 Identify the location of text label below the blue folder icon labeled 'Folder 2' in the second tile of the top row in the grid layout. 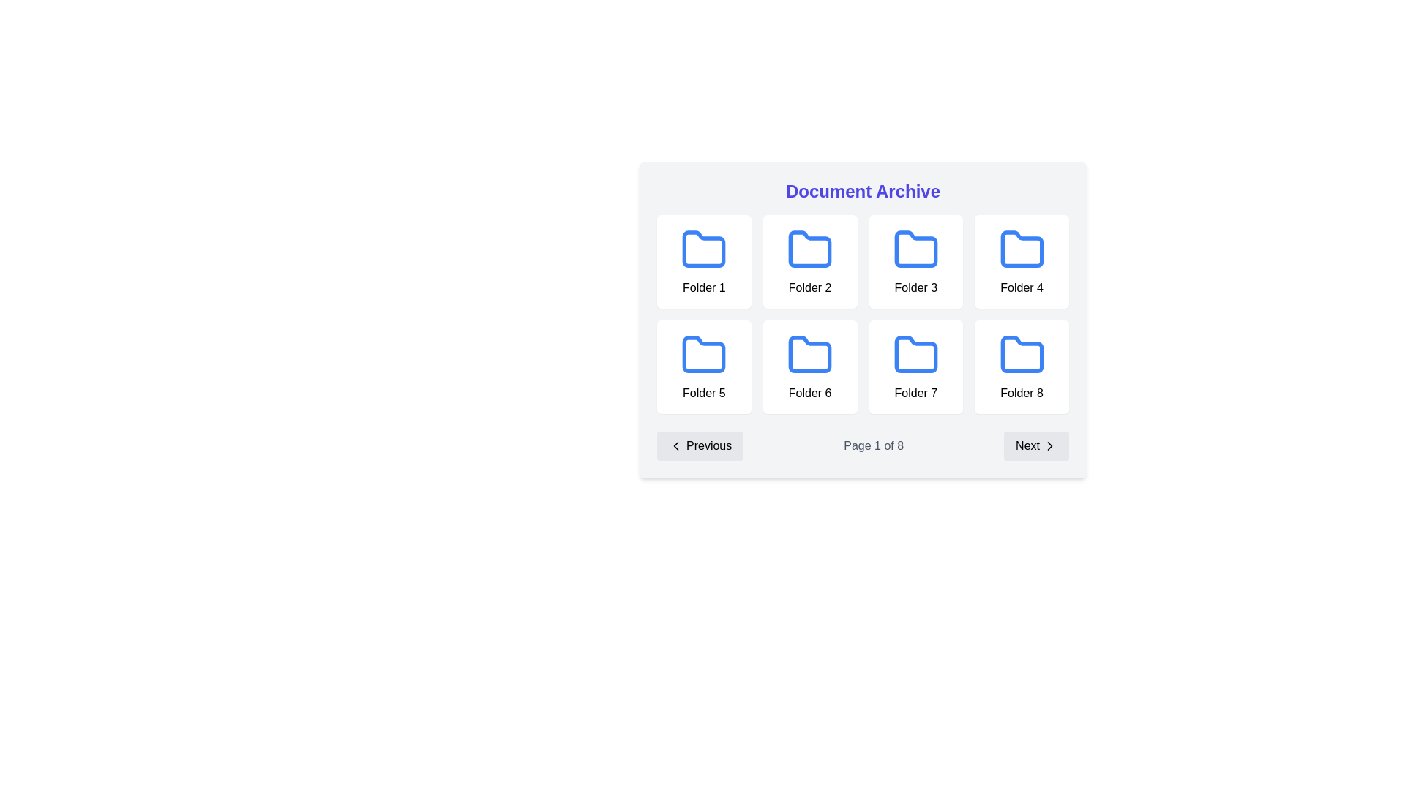
(809, 287).